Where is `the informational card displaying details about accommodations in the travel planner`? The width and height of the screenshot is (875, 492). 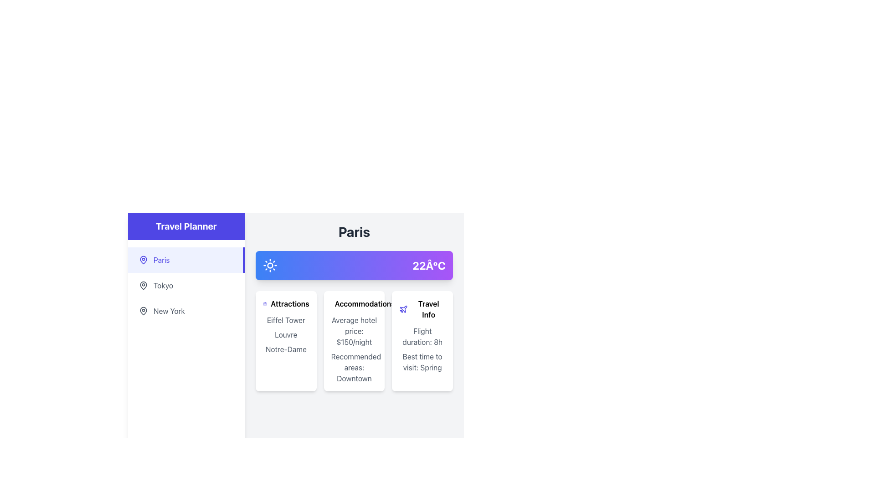
the informational card displaying details about accommodations in the travel planner is located at coordinates (354, 341).